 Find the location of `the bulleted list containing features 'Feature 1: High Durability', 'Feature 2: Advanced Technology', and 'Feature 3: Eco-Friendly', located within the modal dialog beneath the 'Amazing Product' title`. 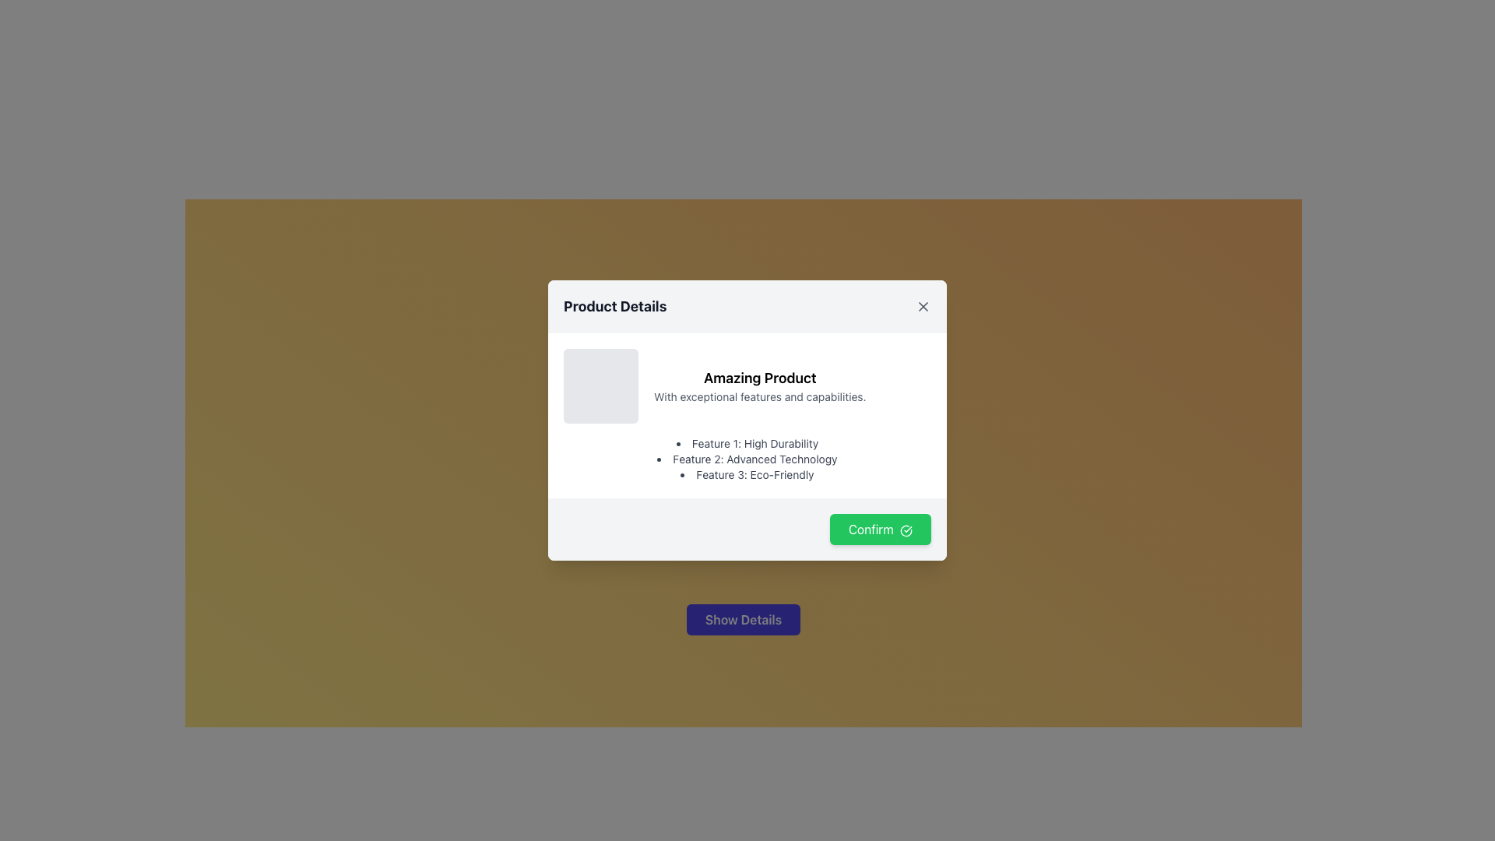

the bulleted list containing features 'Feature 1: High Durability', 'Feature 2: Advanced Technology', and 'Feature 3: Eco-Friendly', located within the modal dialog beneath the 'Amazing Product' title is located at coordinates (747, 459).